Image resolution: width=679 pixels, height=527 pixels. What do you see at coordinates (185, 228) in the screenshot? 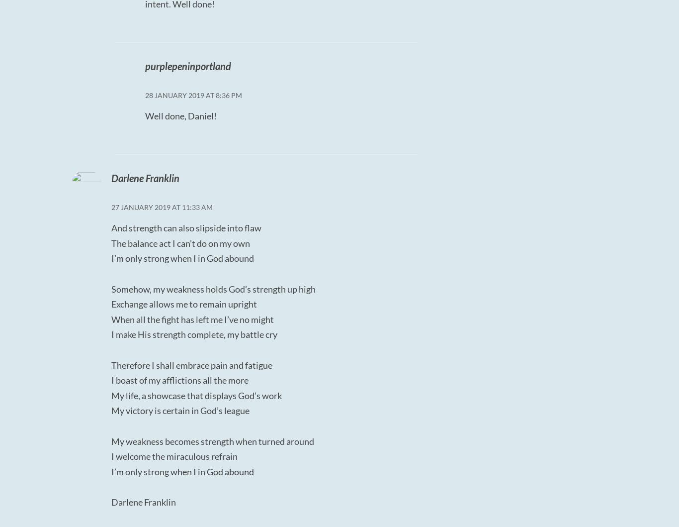
I see `'And strength can also slipside into flaw'` at bounding box center [185, 228].